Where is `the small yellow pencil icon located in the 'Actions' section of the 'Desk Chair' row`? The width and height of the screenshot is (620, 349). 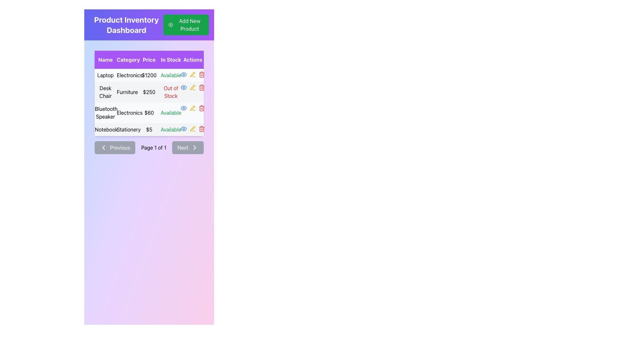
the small yellow pencil icon located in the 'Actions' section of the 'Desk Chair' row is located at coordinates (192, 87).